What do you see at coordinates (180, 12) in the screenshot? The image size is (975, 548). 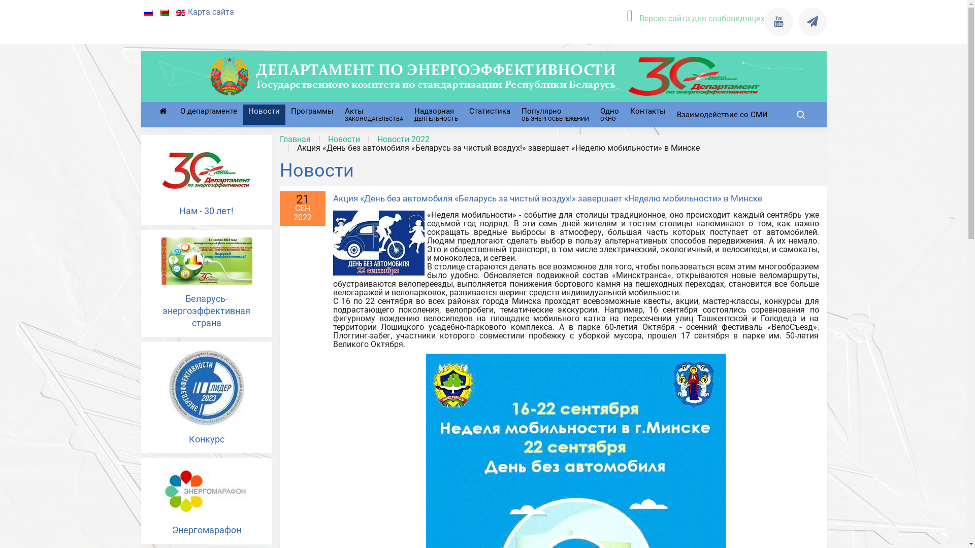 I see `'English (UK)'` at bounding box center [180, 12].